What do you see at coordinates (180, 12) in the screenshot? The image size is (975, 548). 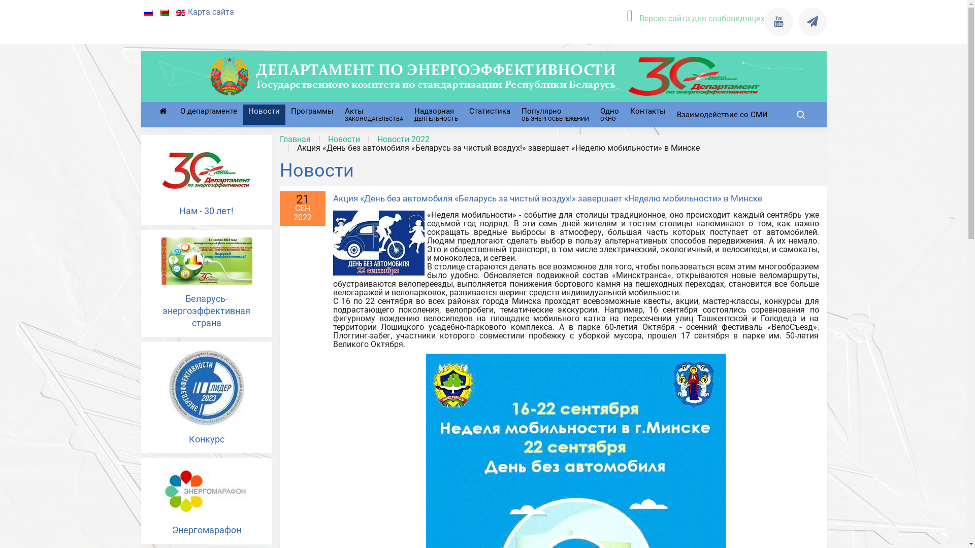 I see `'English (UK)'` at bounding box center [180, 12].